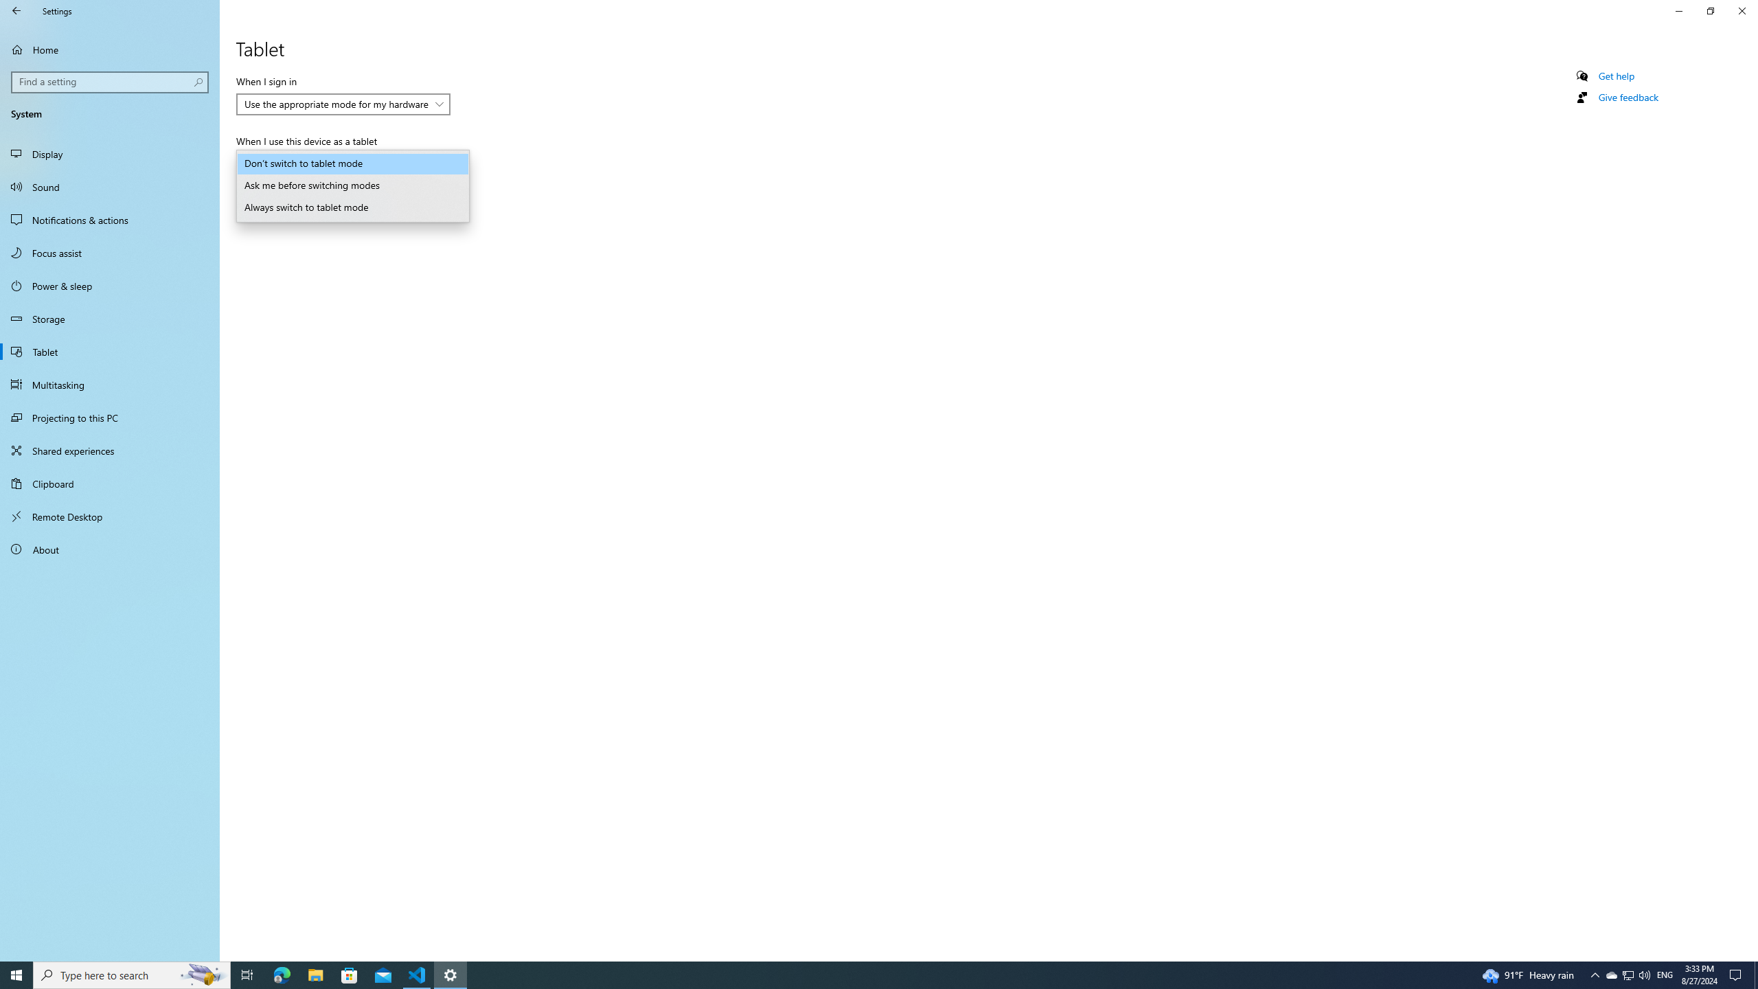 This screenshot has height=989, width=1758. I want to click on 'Storage', so click(109, 318).